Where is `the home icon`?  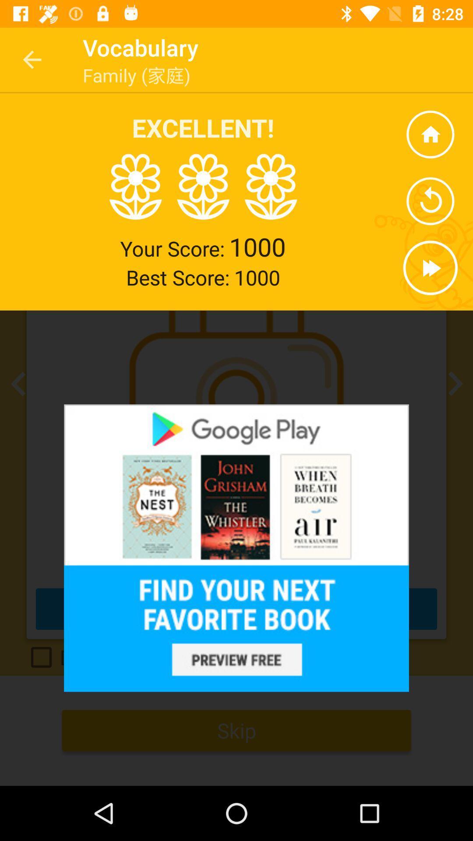
the home icon is located at coordinates (430, 134).